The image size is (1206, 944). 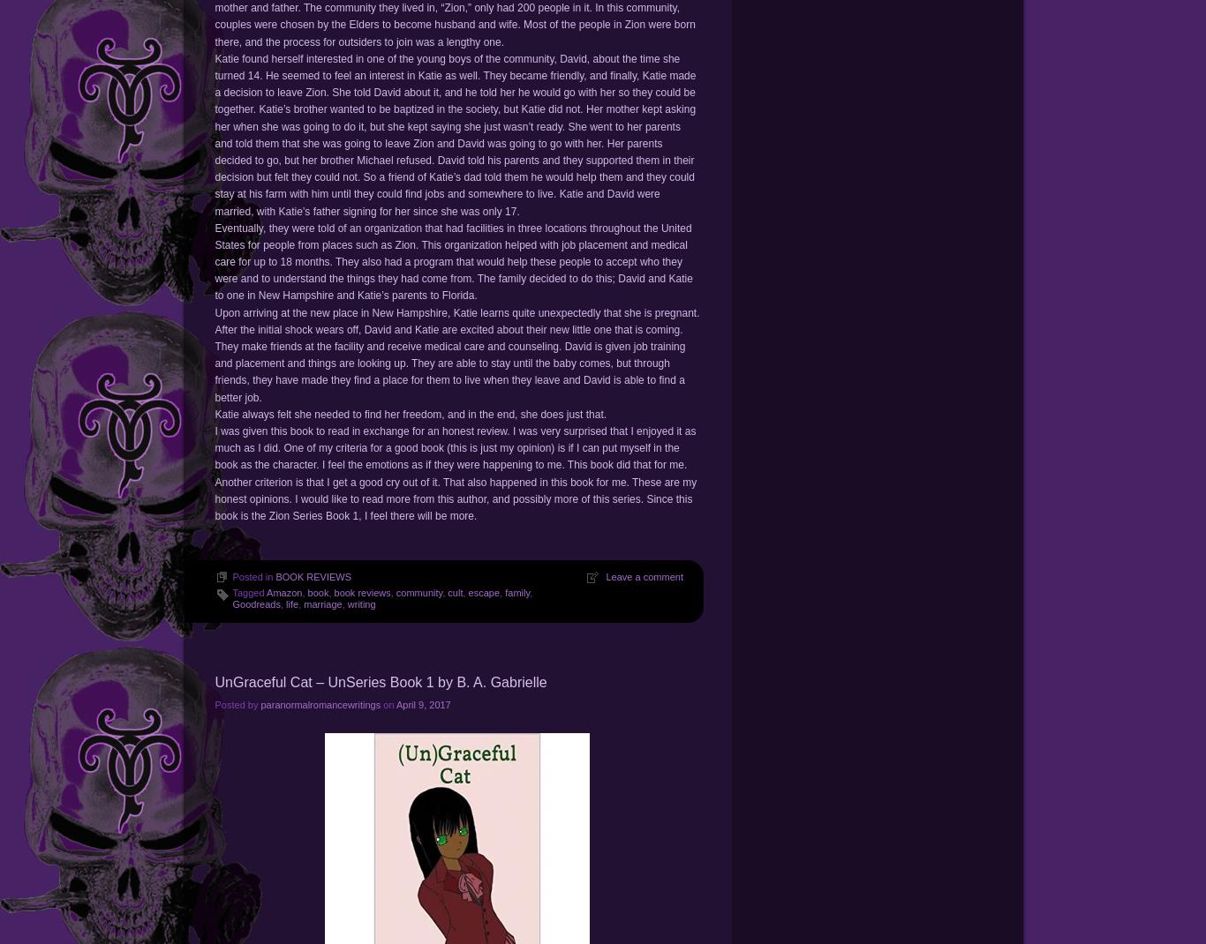 What do you see at coordinates (456, 353) in the screenshot?
I see `'Upon arriving at the new place in New Hampshire, Katie learns quite unexpectedly that she is pregnant. After the initial shock wears off, David and Katie are excited about their new little one that is coming. They make friends at the facility and receive medical care and counseling. David is given job training and placement and things are looking up. They are able to stay until the baby comes, but through friends, they have made they find a place for them to live when they leave and David is able to find a better job.'` at bounding box center [456, 353].